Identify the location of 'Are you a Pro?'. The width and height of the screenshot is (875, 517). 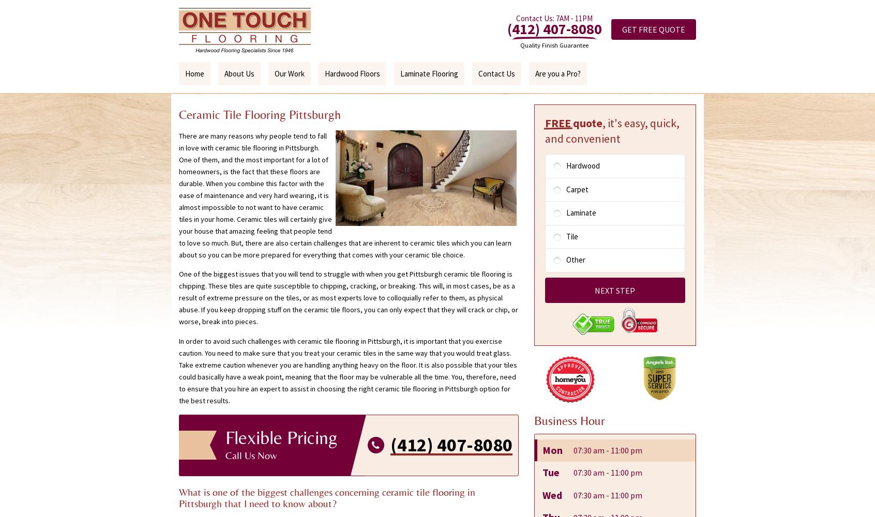
(557, 73).